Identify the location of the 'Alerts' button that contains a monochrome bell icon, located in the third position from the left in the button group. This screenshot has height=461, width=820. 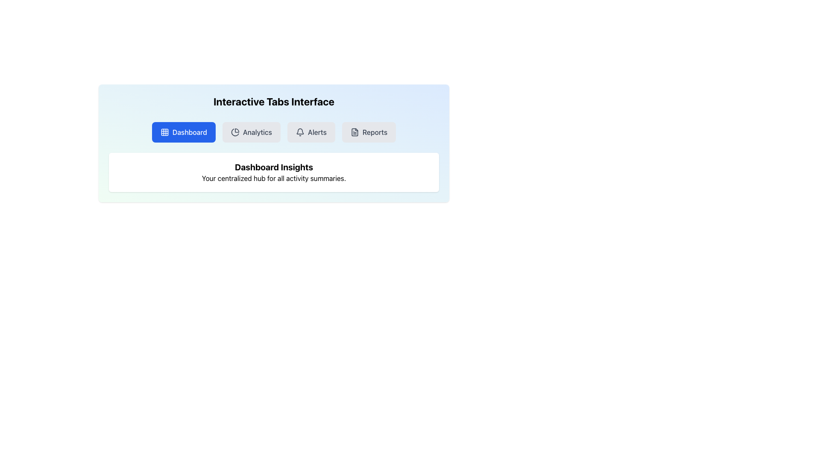
(300, 132).